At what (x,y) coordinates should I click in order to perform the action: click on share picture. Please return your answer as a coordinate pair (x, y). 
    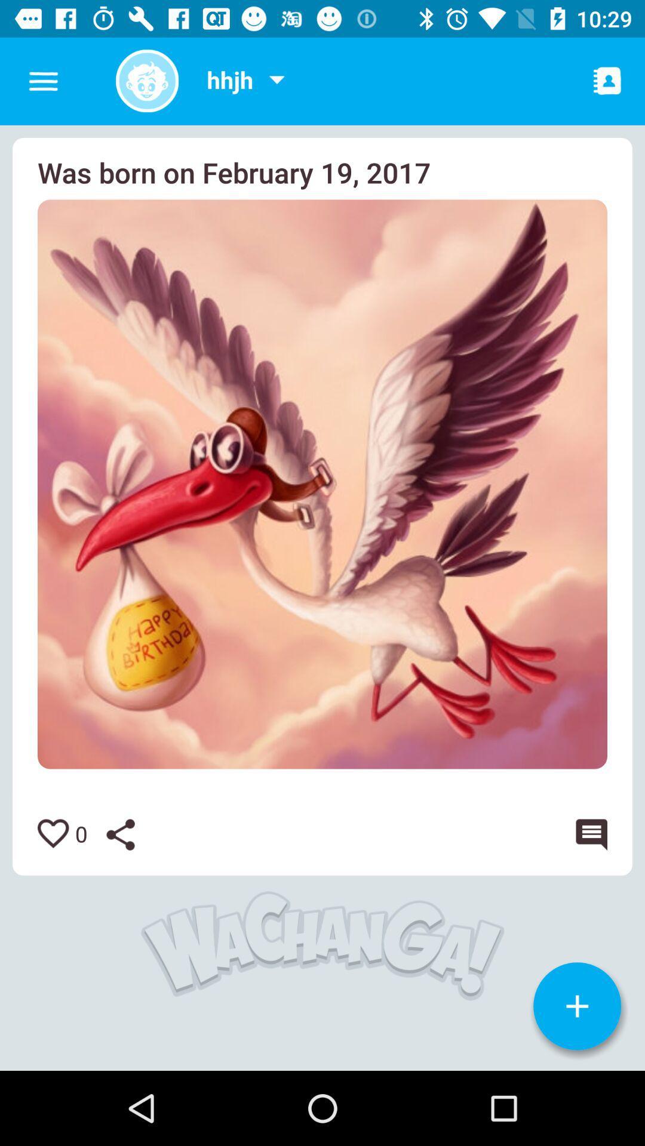
    Looking at the image, I should click on (130, 834).